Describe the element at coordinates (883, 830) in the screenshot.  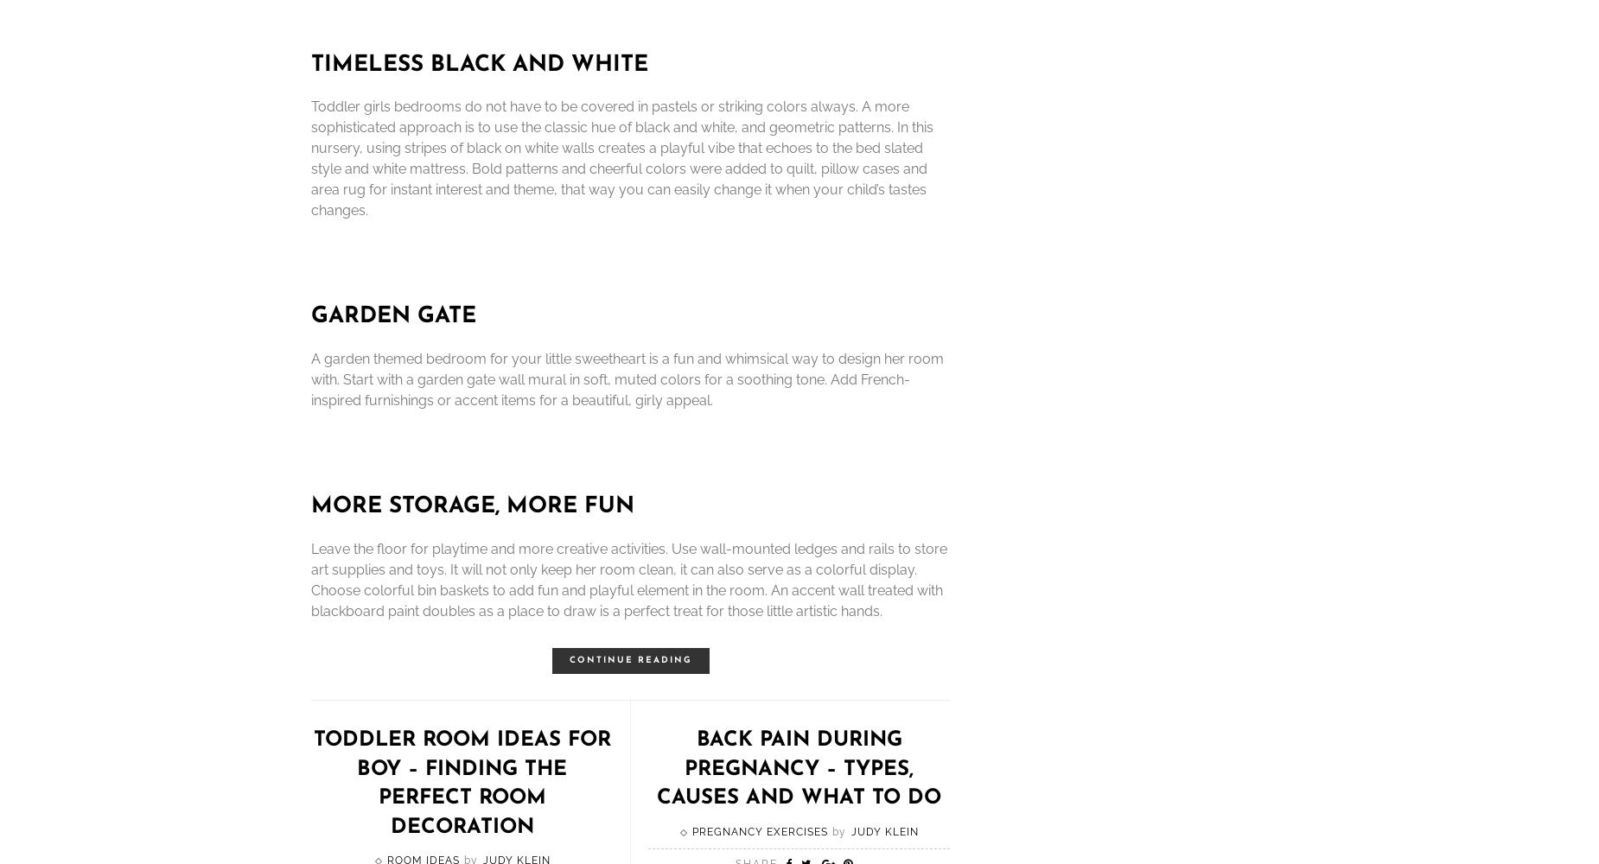
I see `'Judy Klein'` at that location.